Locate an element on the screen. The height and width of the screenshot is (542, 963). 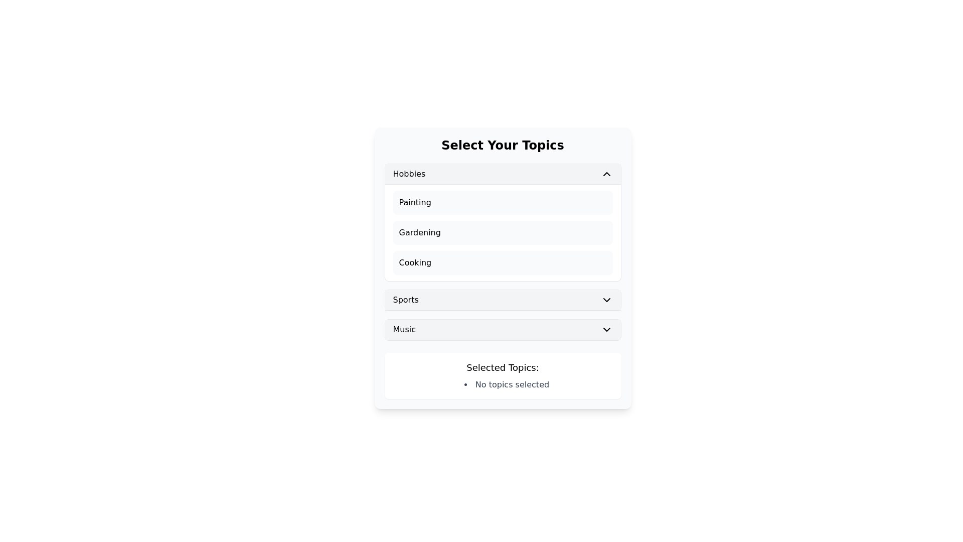
the 'Gardening' list item in the hobbies section is located at coordinates (503, 232).